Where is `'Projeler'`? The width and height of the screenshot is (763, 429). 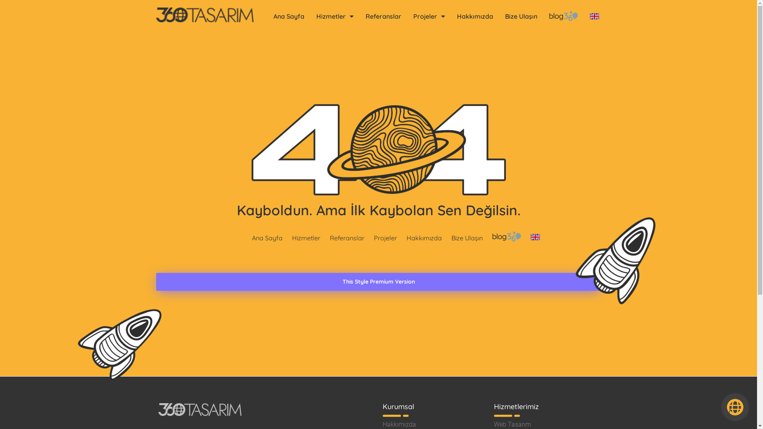 'Projeler' is located at coordinates (385, 237).